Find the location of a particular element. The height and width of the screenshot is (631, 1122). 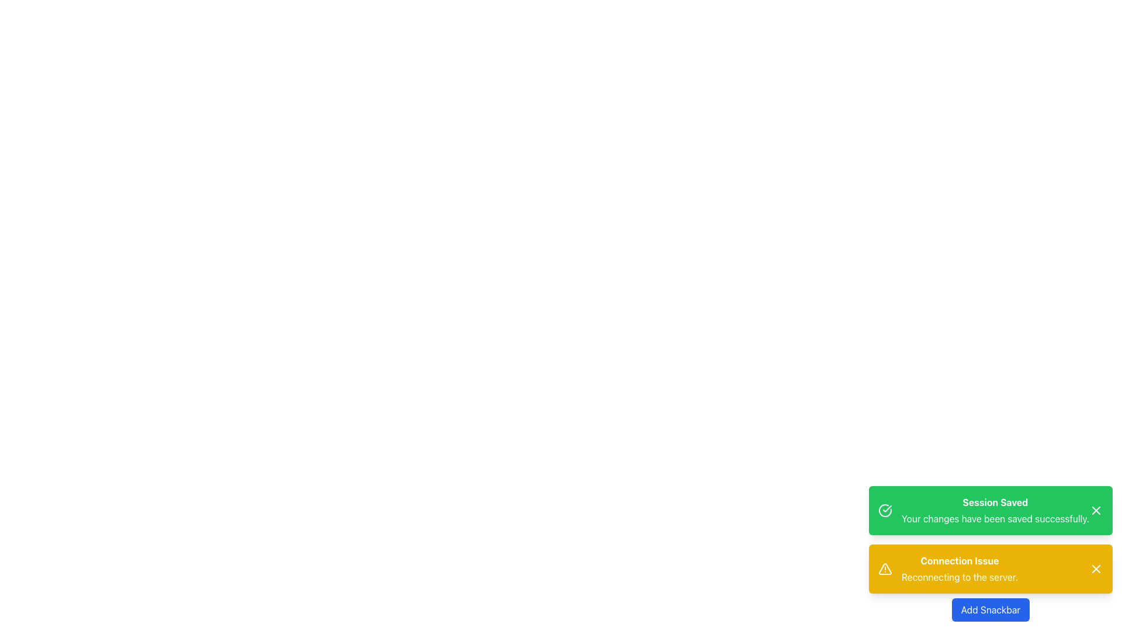

the text label that provides feedback confirming changes have been saved successfully, located within a green message box in the success notification area is located at coordinates (995, 510).